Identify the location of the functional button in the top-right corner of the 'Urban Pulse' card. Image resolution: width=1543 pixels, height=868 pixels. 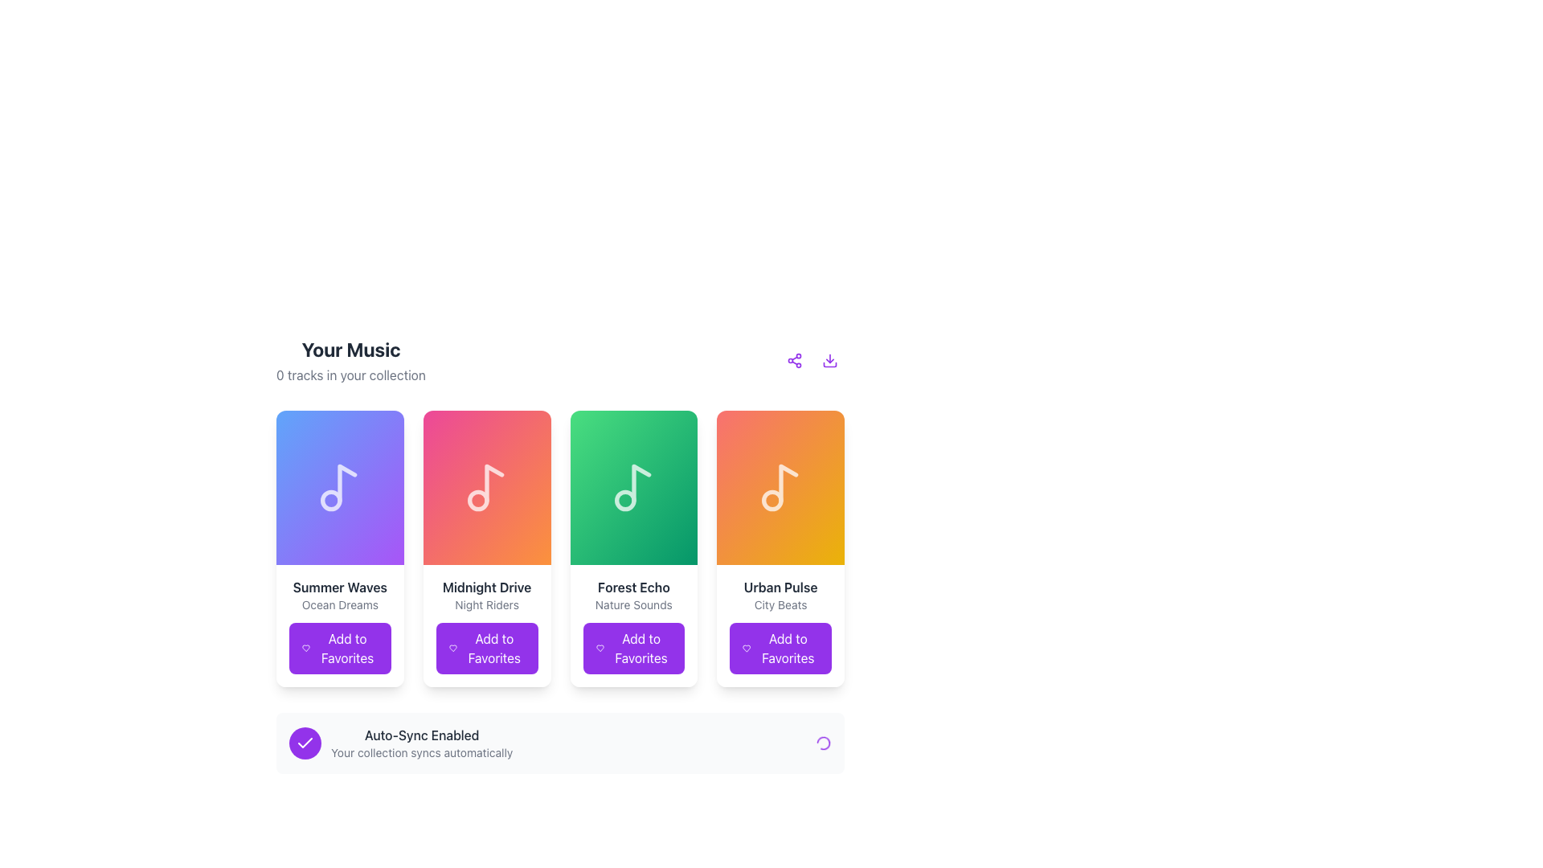
(821, 432).